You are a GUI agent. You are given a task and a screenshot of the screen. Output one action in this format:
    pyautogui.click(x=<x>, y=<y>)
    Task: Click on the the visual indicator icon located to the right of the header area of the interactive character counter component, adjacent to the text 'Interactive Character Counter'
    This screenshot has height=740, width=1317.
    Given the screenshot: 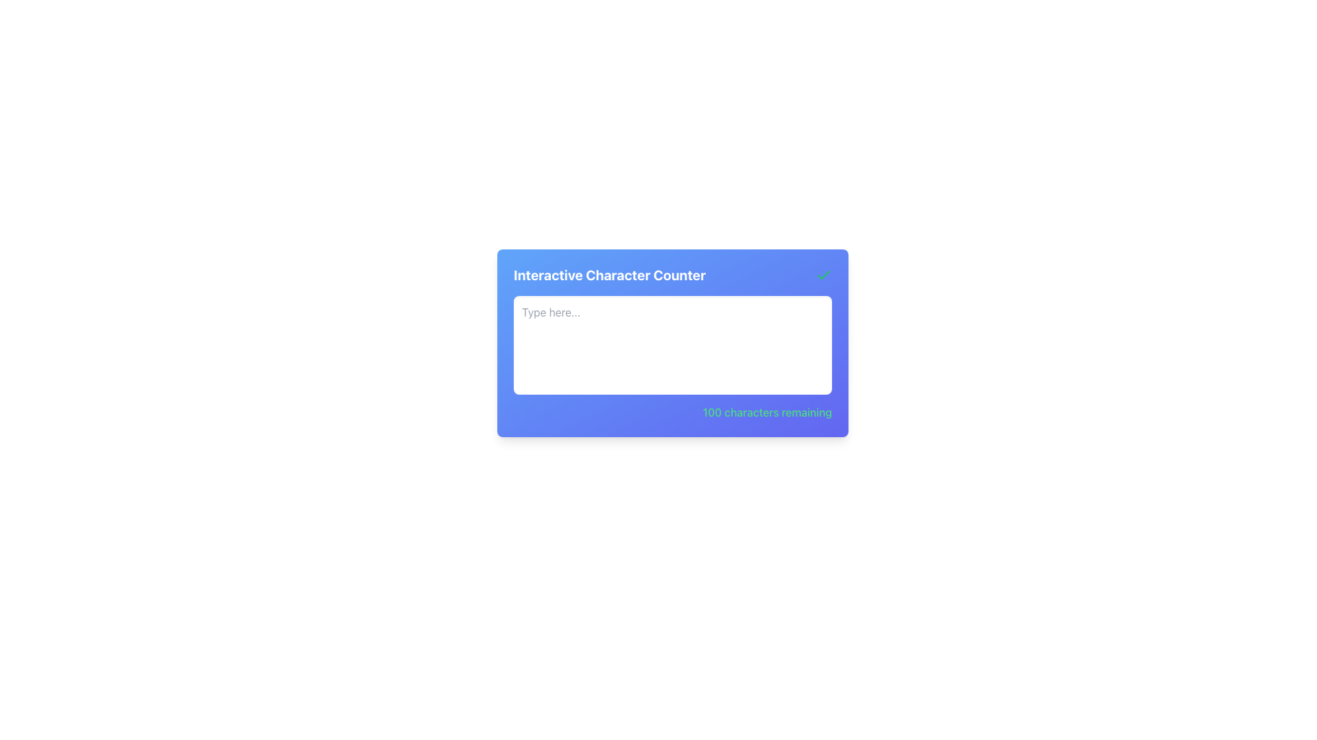 What is the action you would take?
    pyautogui.click(x=823, y=275)
    